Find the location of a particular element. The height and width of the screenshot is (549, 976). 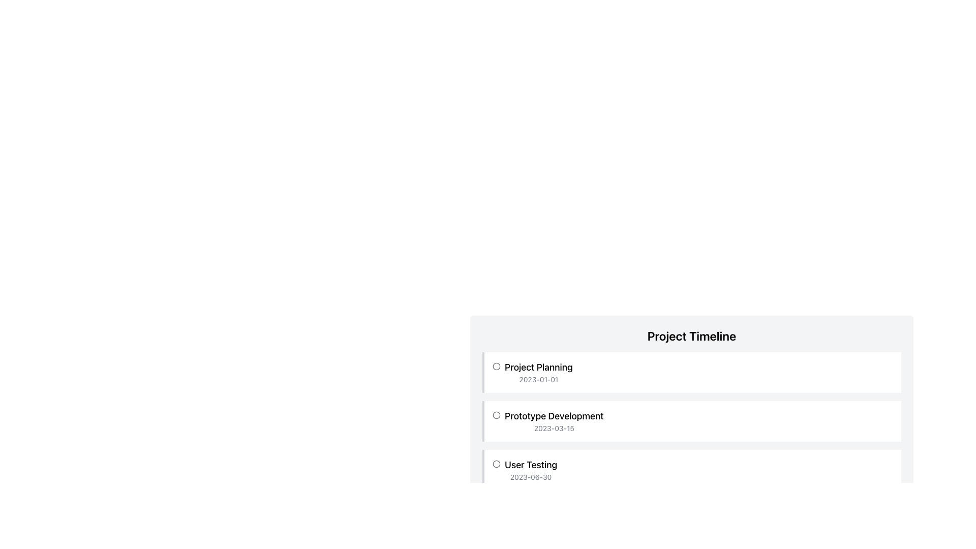

the first circular icon to the left of the 'Project Planning' text in the 'Project Timeline' section is located at coordinates (497, 367).